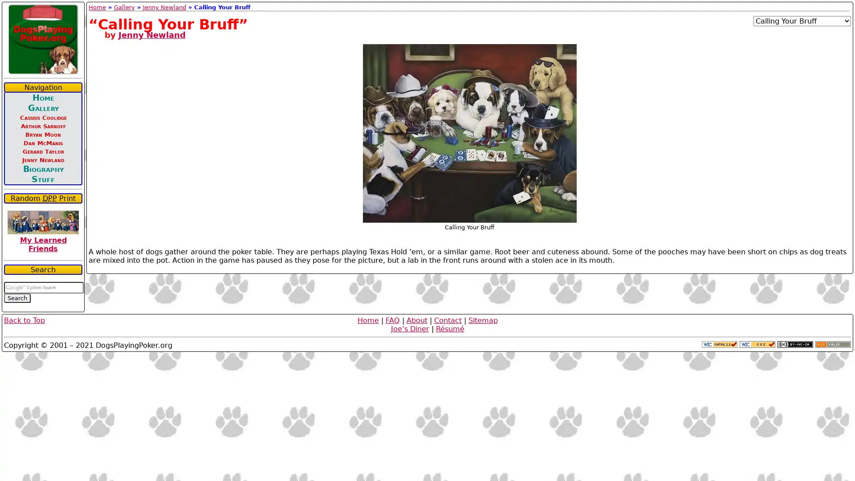 This screenshot has height=481, width=855. I want to click on Search, so click(17, 298).